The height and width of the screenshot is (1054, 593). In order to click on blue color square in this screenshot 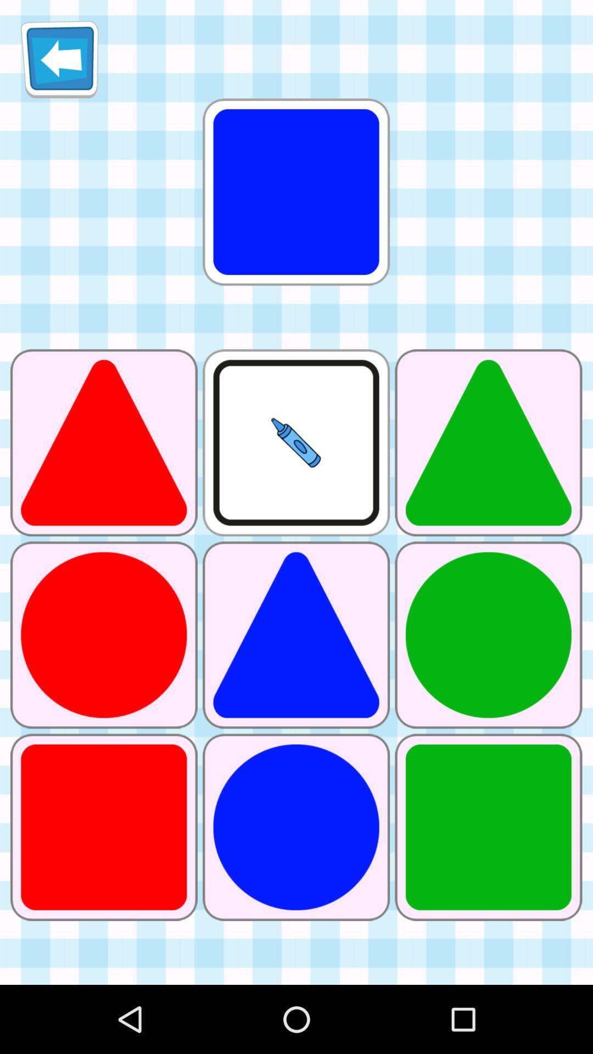, I will do `click(296, 192)`.